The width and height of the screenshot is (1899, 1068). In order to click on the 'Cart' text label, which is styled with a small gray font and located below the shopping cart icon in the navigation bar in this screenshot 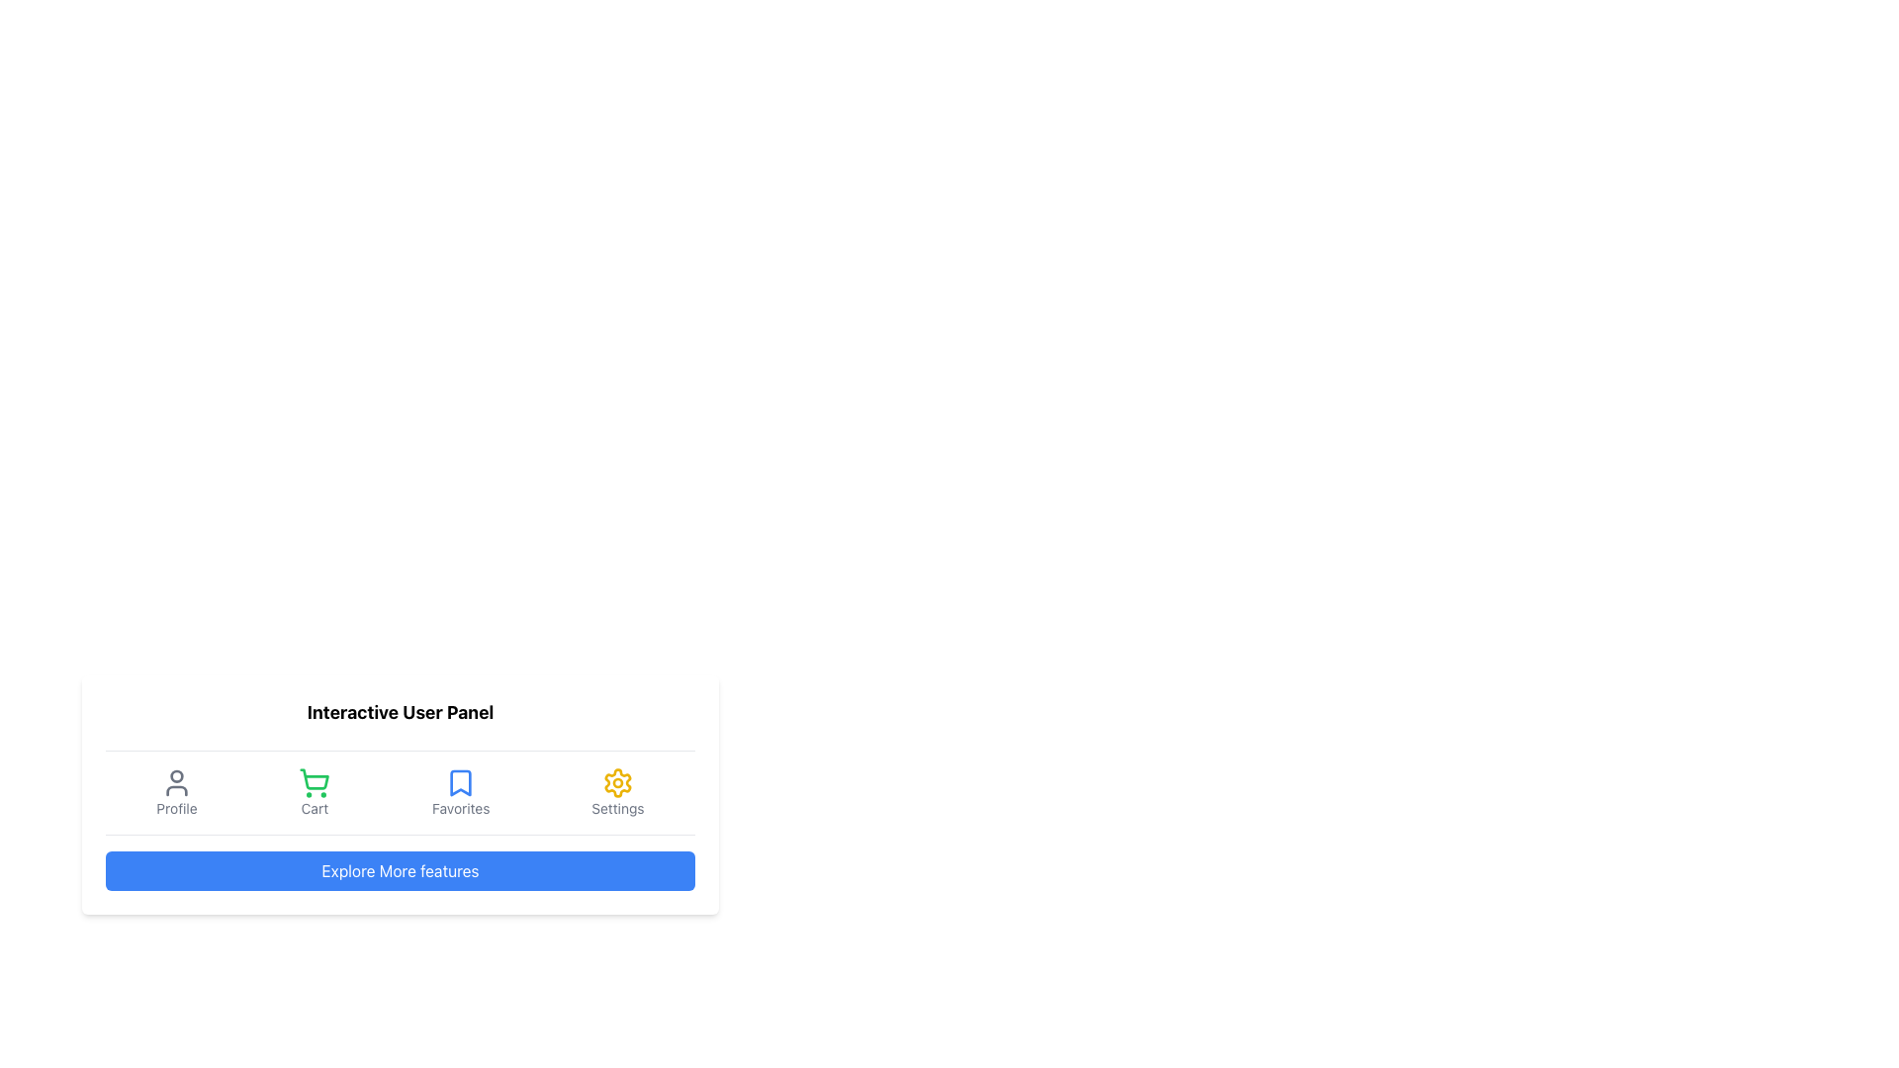, I will do `click(314, 808)`.